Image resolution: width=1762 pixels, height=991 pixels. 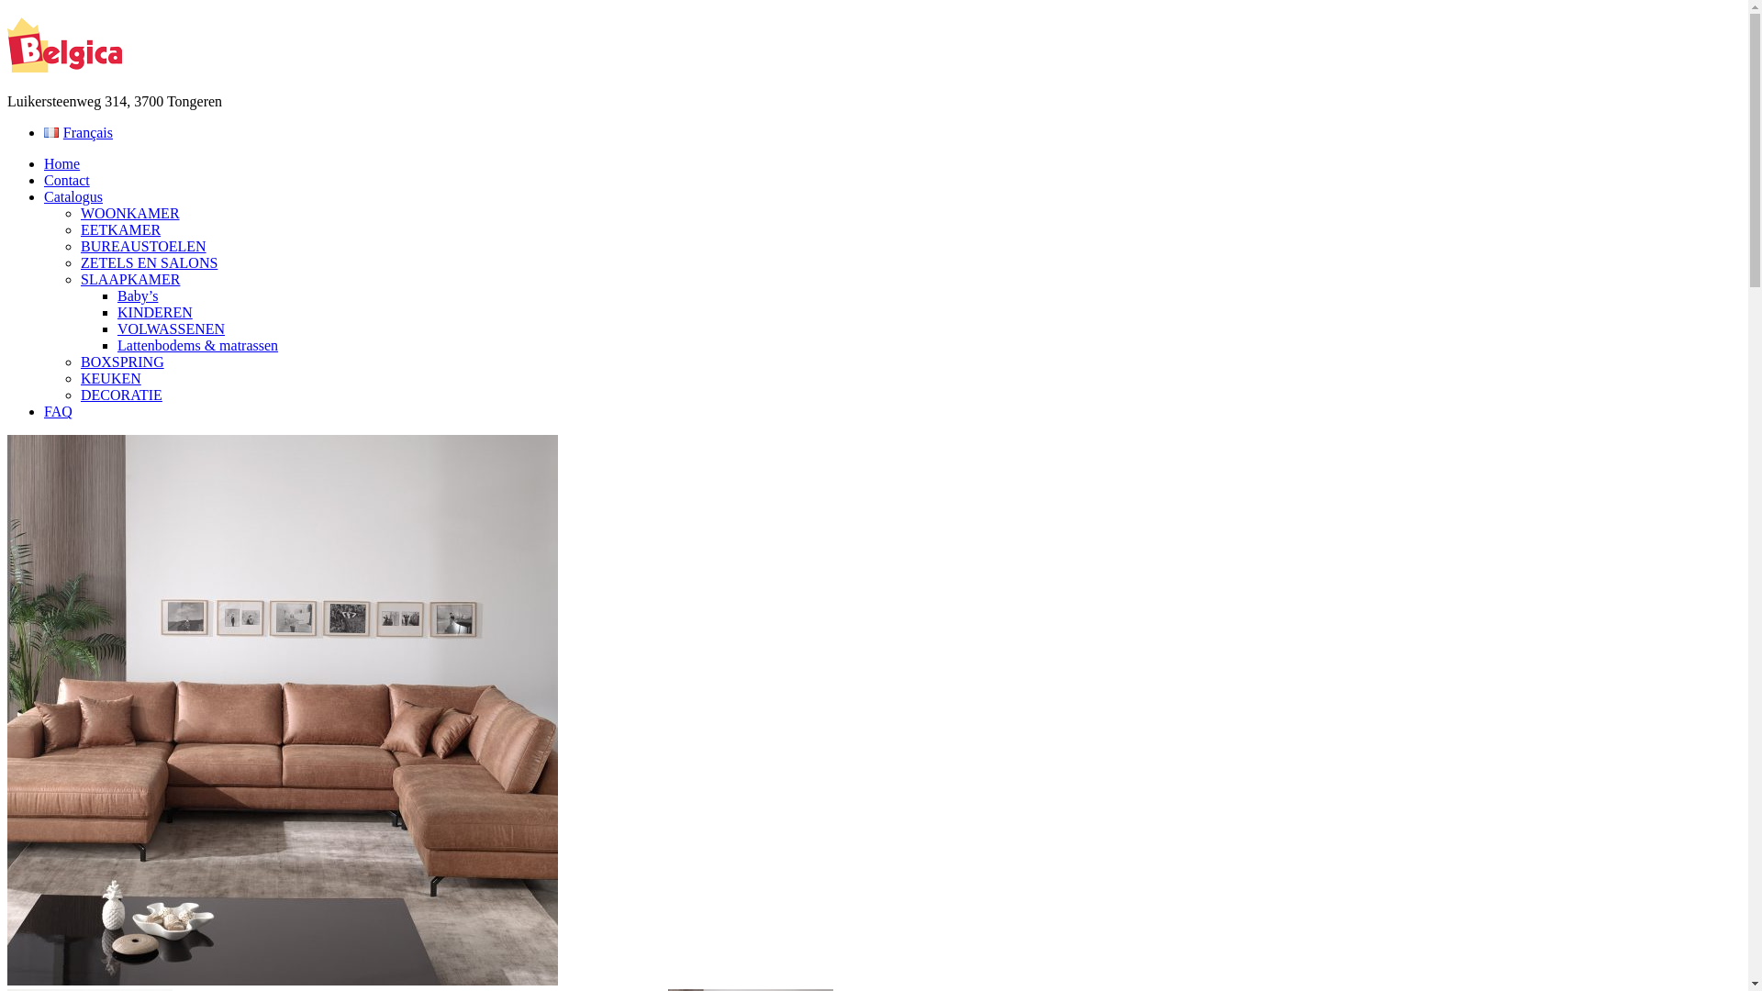 I want to click on 'BOXSPRING', so click(x=121, y=362).